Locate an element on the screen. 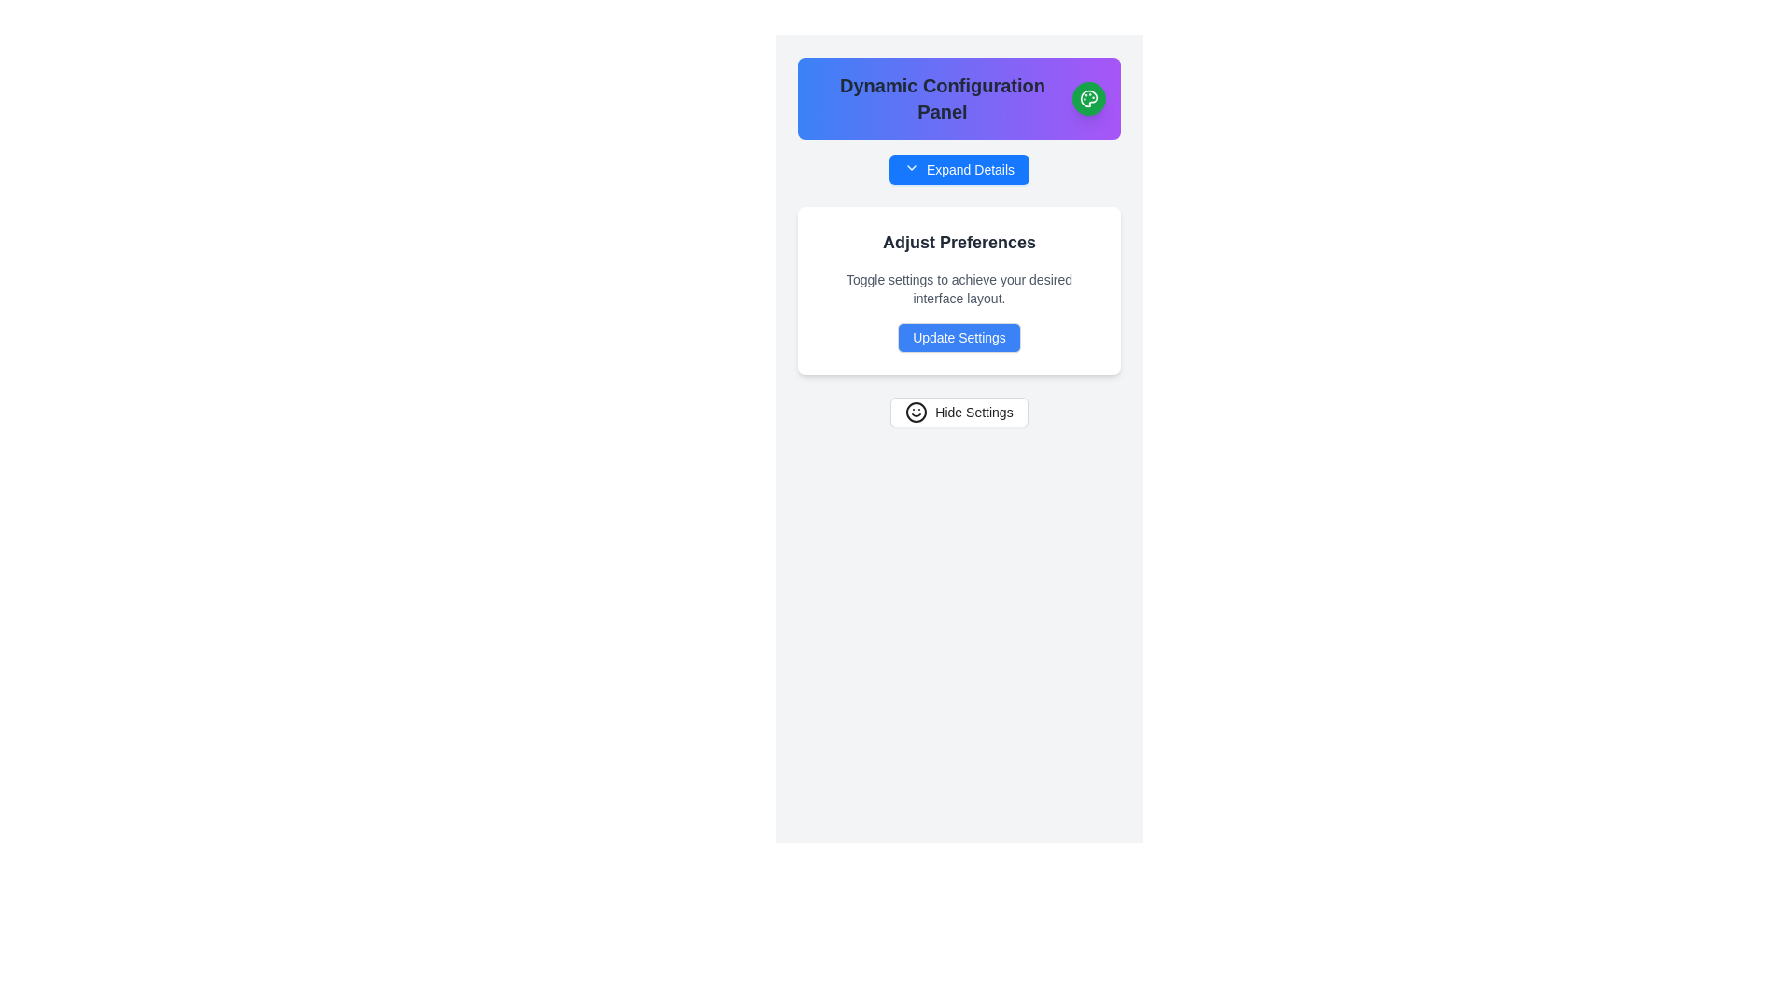  the 'Update Settings' button located beneath the 'Adjust Preferences' heading is located at coordinates (959, 338).